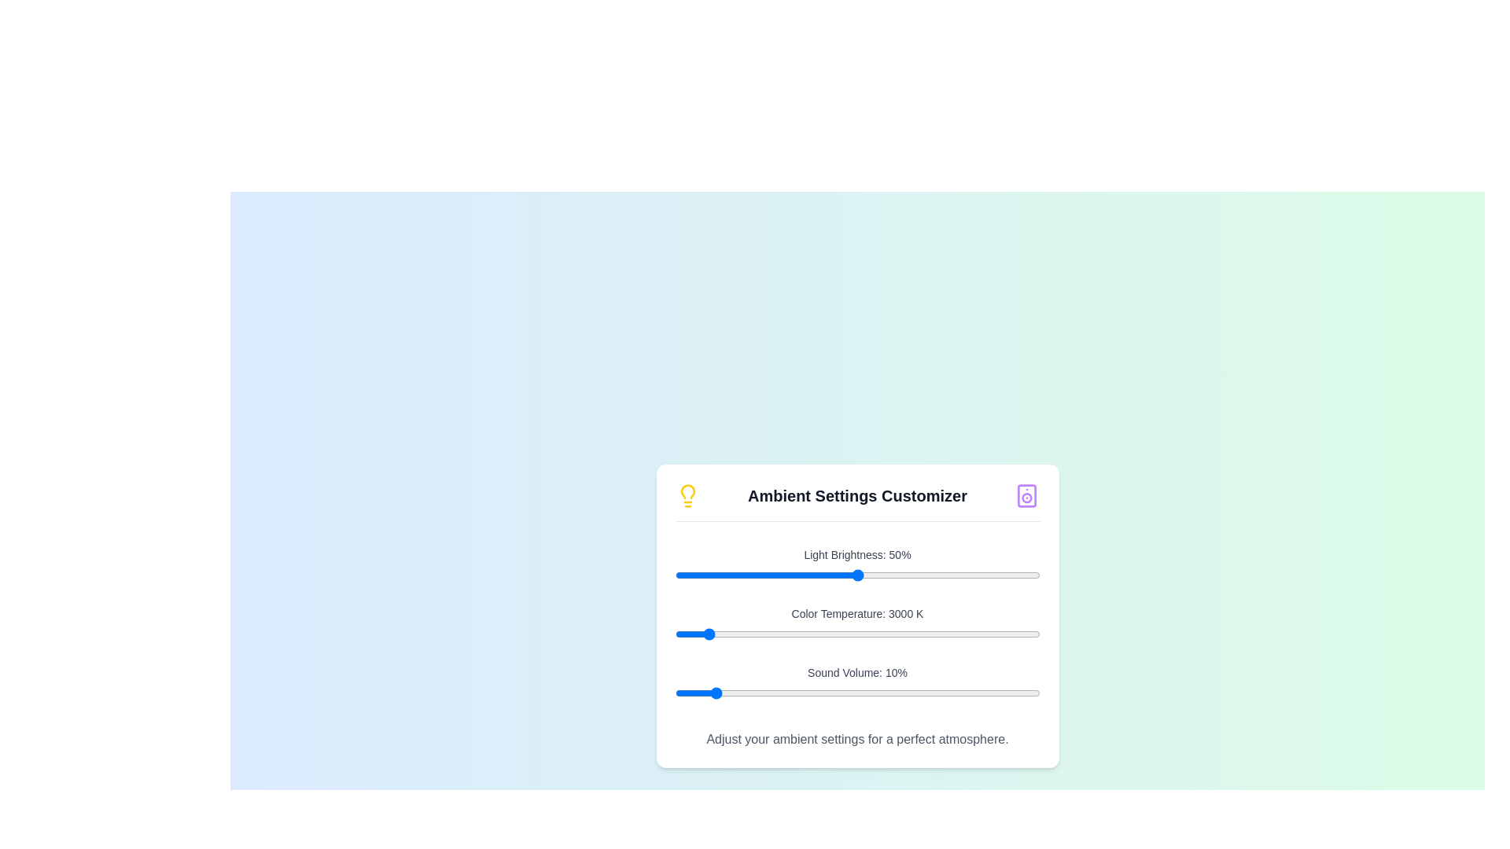 This screenshot has width=1510, height=849. What do you see at coordinates (1023, 633) in the screenshot?
I see `color temperature` at bounding box center [1023, 633].